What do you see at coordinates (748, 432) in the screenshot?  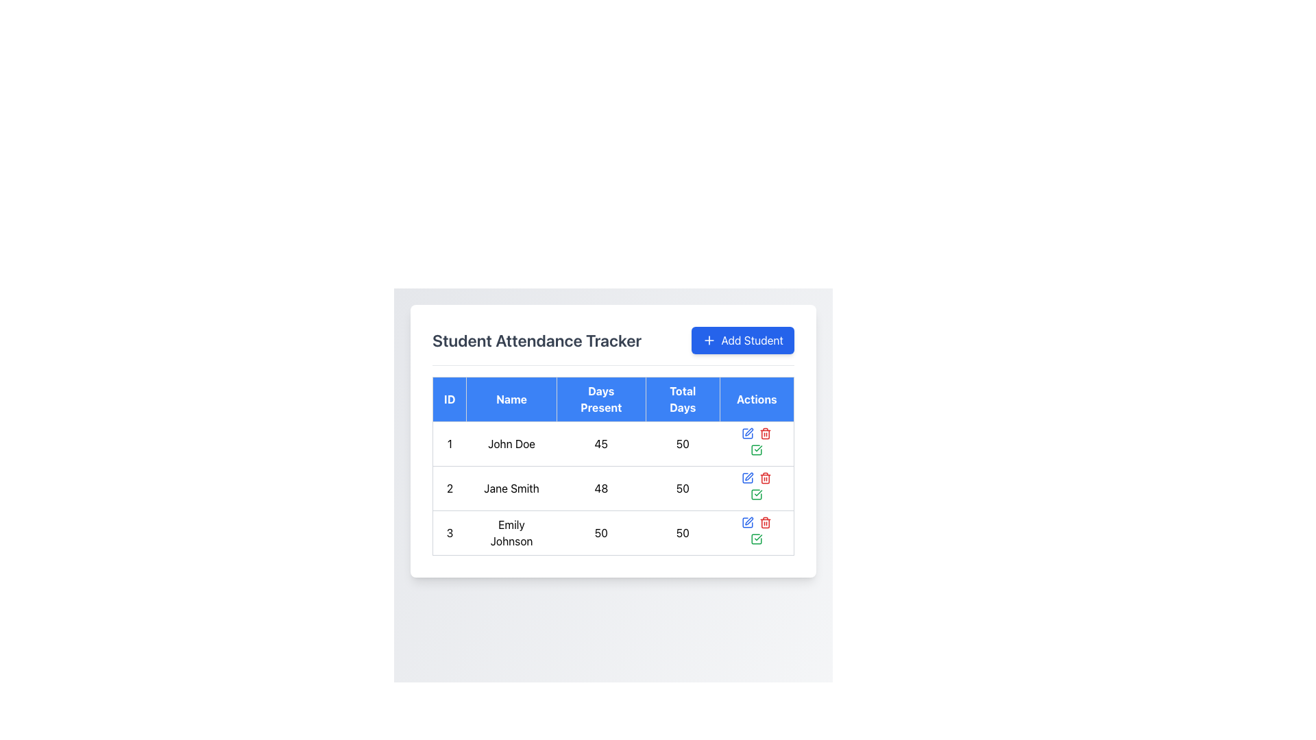 I see `the small, slanted pen icon in the 'Actions' column of the second row representing 'Jane Smith'` at bounding box center [748, 432].